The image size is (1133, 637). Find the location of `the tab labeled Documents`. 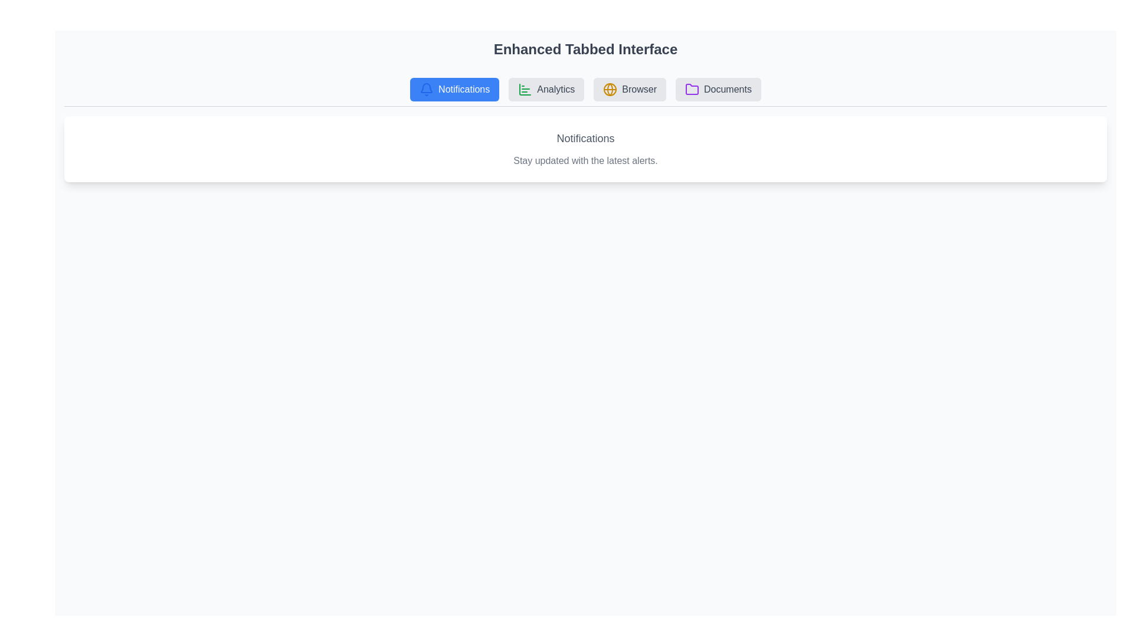

the tab labeled Documents is located at coordinates (718, 88).